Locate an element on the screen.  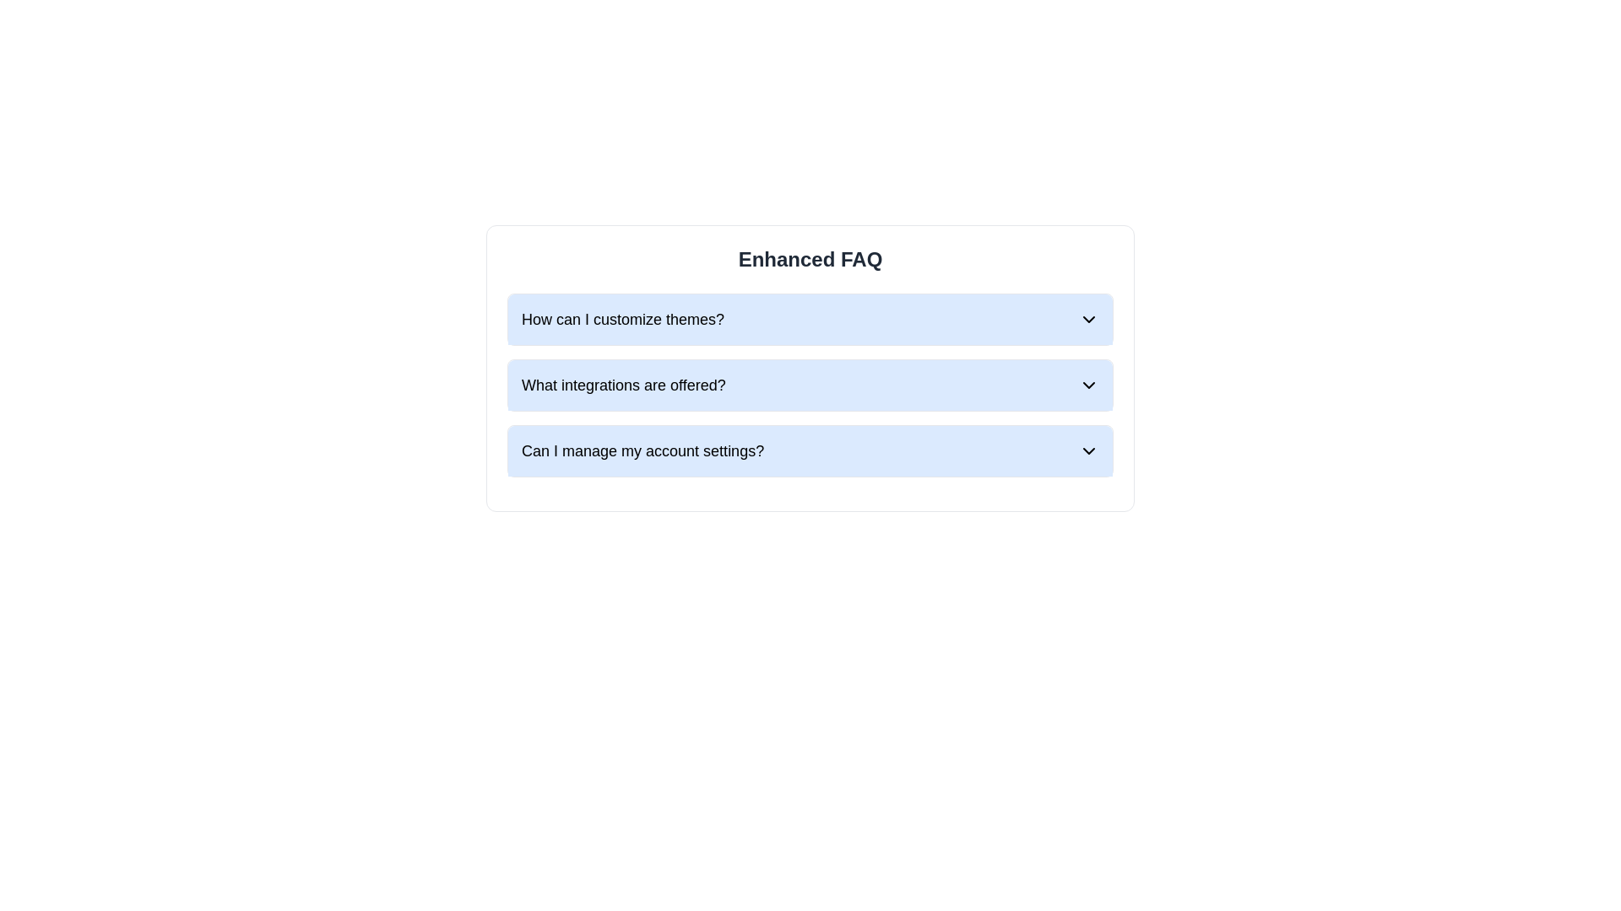
the Chevron Down icon located at the far right of the 'How can I customize themes?' section in the FAQ interface is located at coordinates (1089, 319).